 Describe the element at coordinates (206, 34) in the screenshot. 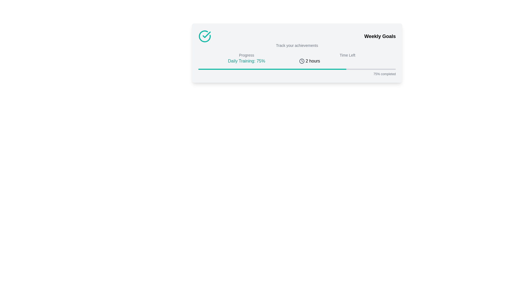

I see `the teal check mark icon styled in a circular frame located in the upper left quadrant of the card interface` at that location.